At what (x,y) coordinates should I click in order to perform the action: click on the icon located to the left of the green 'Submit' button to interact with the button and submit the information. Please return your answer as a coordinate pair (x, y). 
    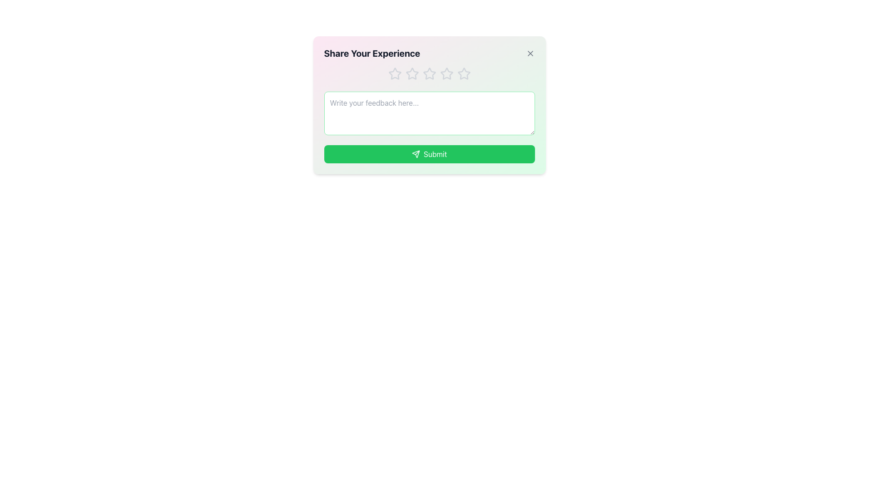
    Looking at the image, I should click on (415, 153).